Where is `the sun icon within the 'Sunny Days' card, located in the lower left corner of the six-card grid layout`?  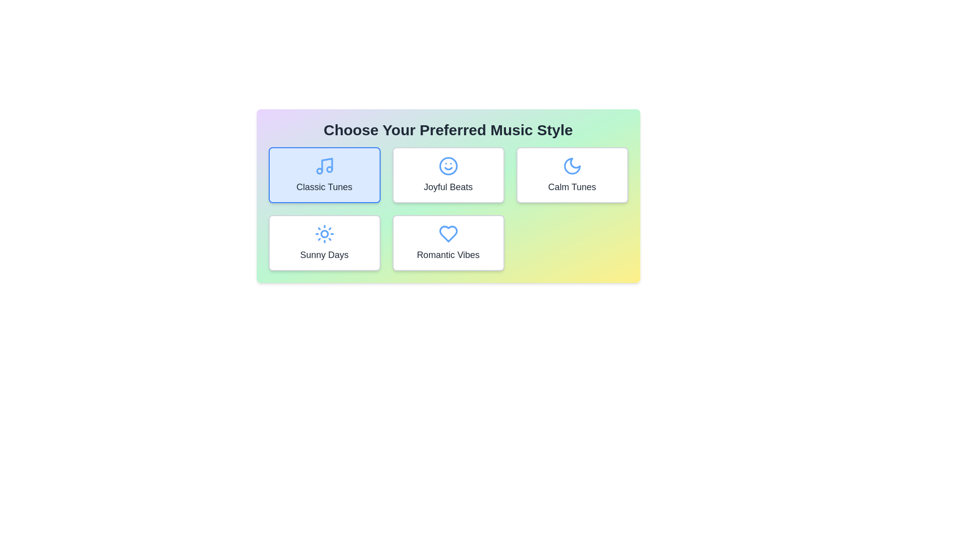 the sun icon within the 'Sunny Days' card, located in the lower left corner of the six-card grid layout is located at coordinates (324, 234).